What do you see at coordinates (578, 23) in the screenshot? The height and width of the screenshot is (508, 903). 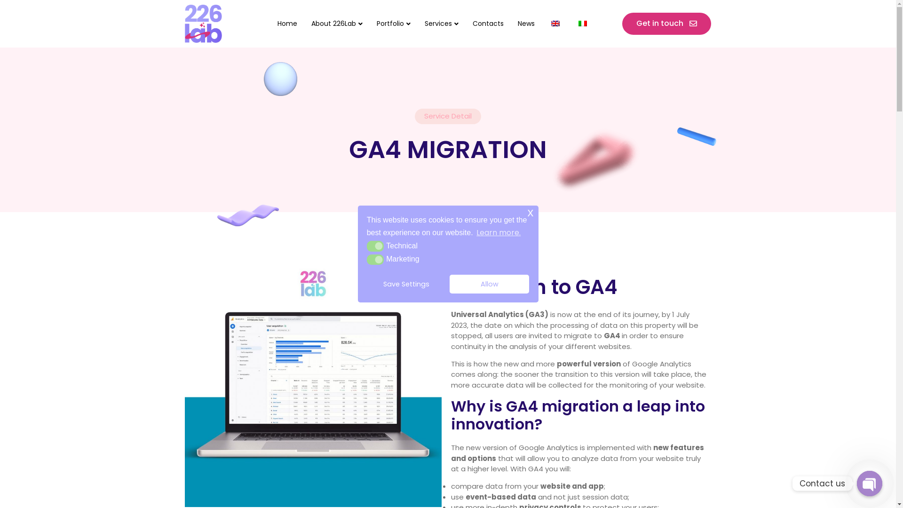 I see `'Italian'` at bounding box center [578, 23].